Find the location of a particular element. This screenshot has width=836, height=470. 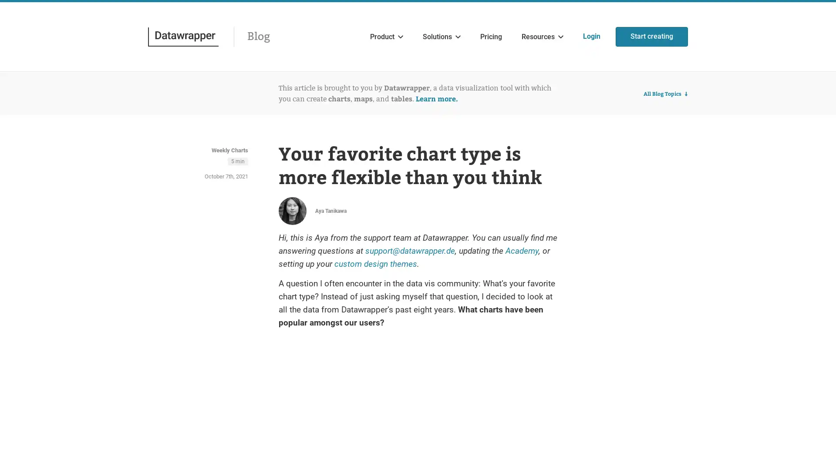

Edit this chart is located at coordinates (522, 364).